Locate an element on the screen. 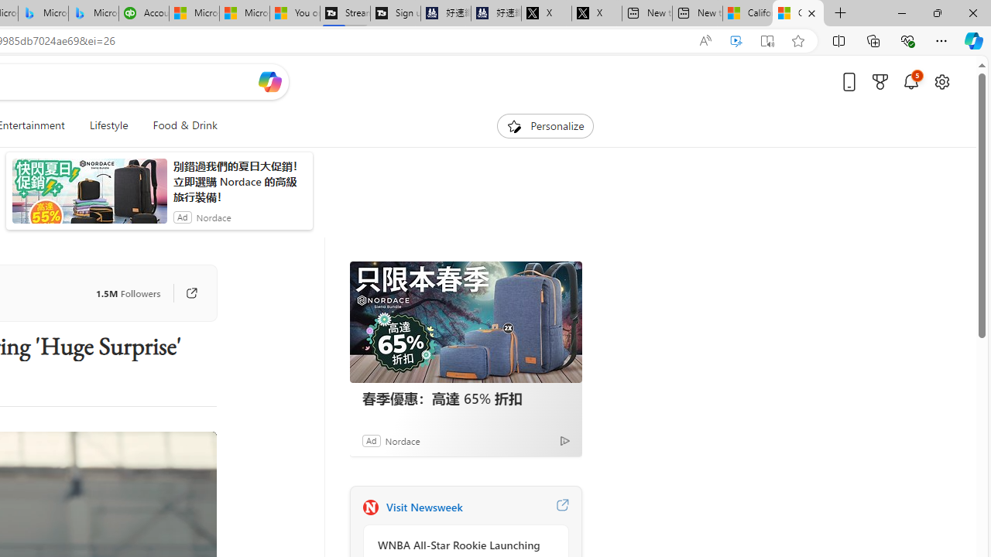 The image size is (991, 557). 'Enhance video' is located at coordinates (736, 40).